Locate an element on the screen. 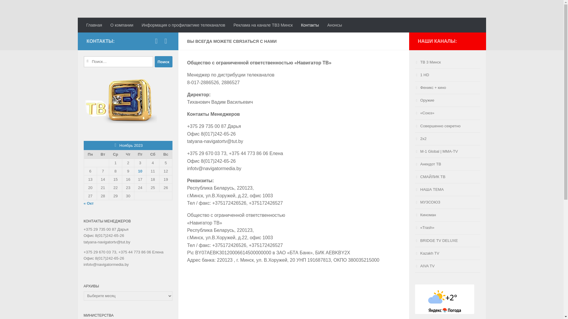 This screenshot has width=568, height=319. '10' is located at coordinates (140, 171).